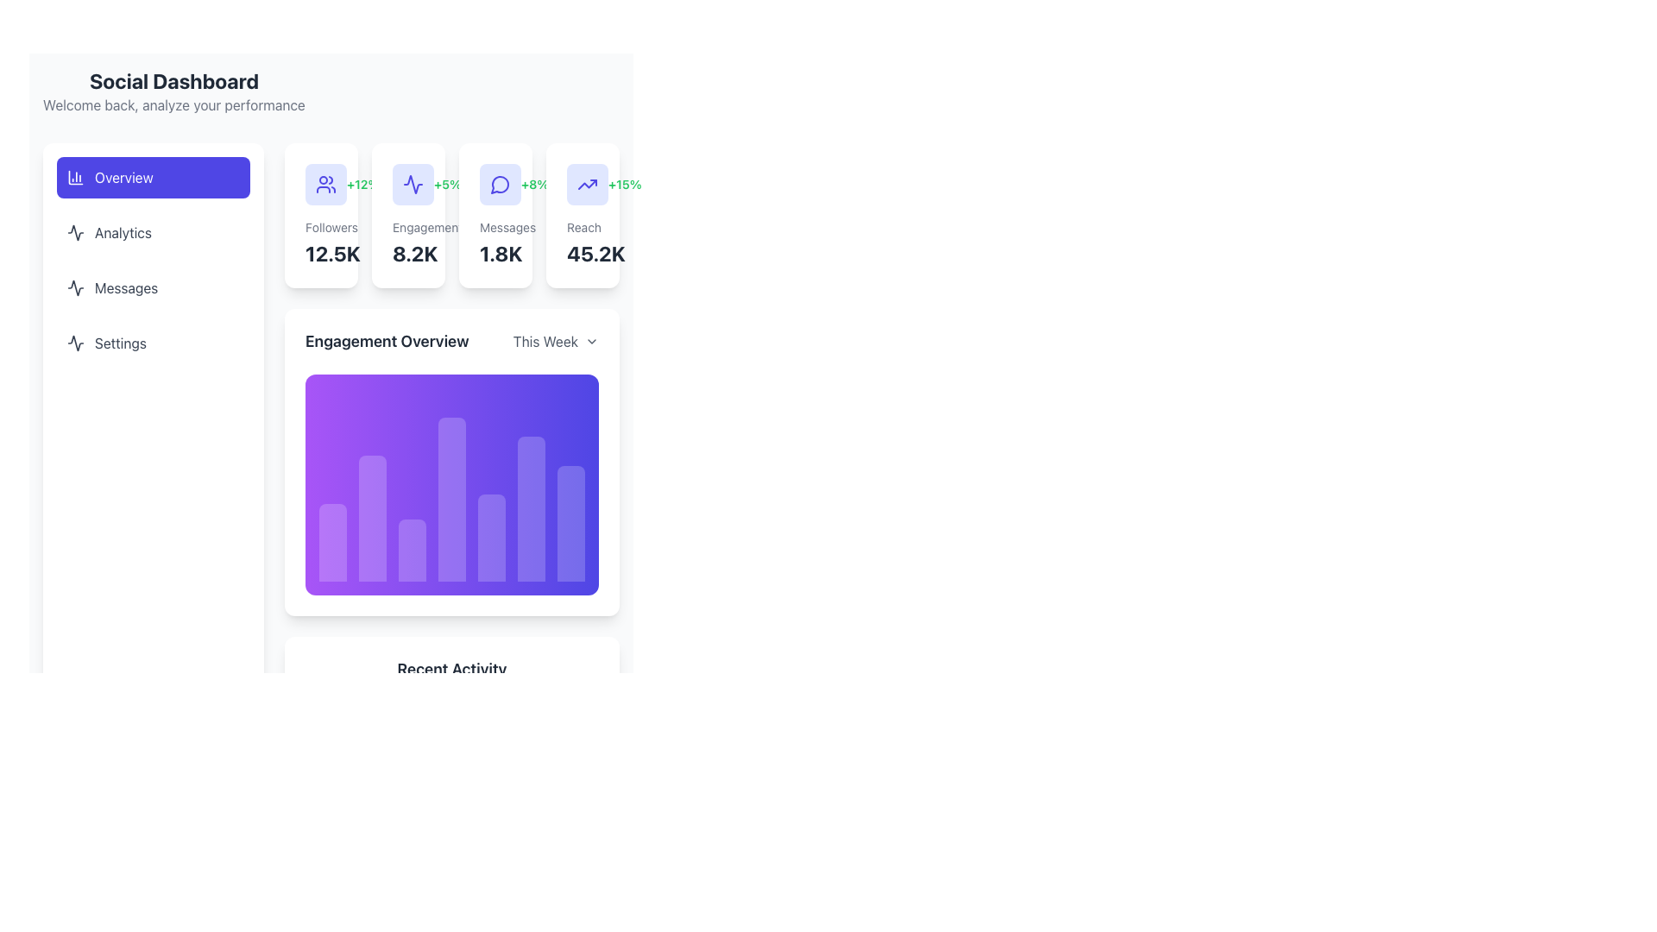 The width and height of the screenshot is (1657, 932). Describe the element at coordinates (530, 508) in the screenshot. I see `the sixth vertical bar in the bar chart, which has rounded top corners and a gradient background transitioning from purple to indigo` at that location.